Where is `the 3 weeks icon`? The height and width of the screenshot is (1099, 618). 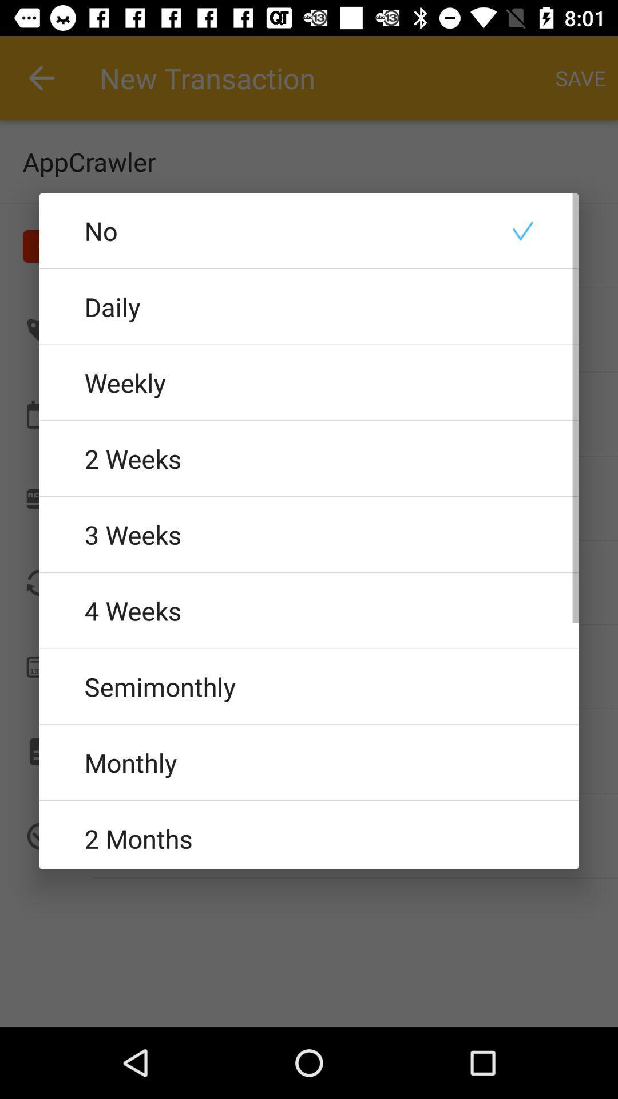
the 3 weeks icon is located at coordinates (309, 534).